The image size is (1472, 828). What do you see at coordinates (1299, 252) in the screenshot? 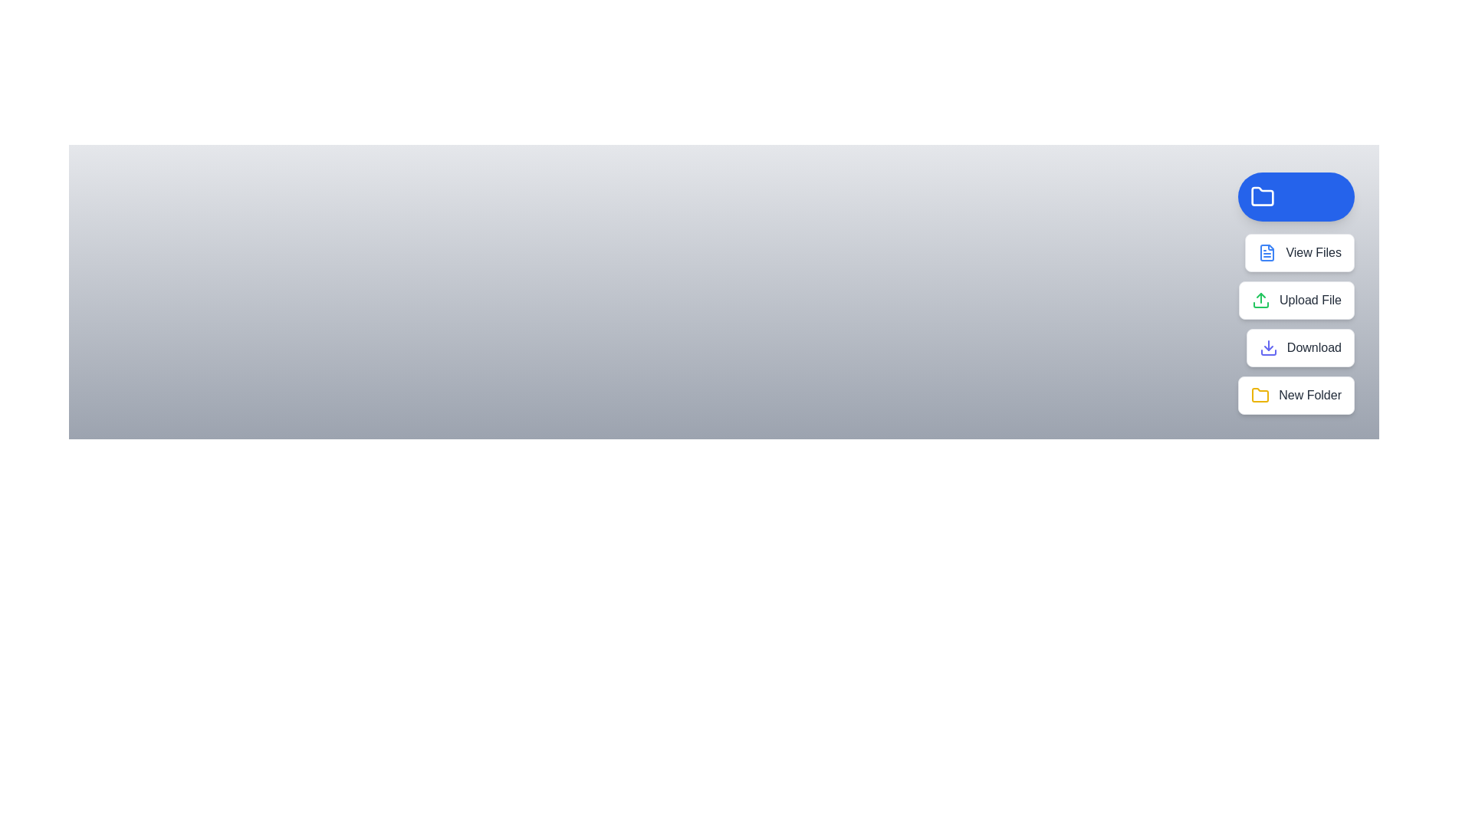
I see `the 'View Files' button to view the existing files` at bounding box center [1299, 252].